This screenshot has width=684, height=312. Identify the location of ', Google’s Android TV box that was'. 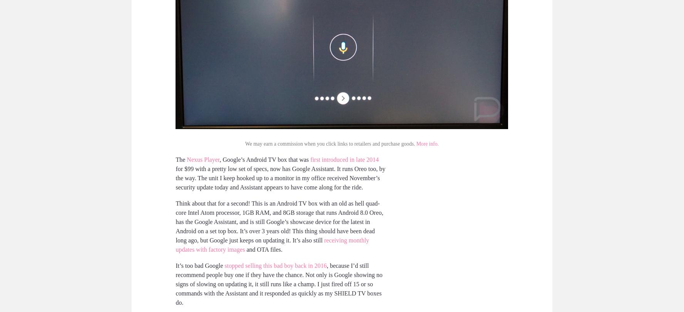
(264, 159).